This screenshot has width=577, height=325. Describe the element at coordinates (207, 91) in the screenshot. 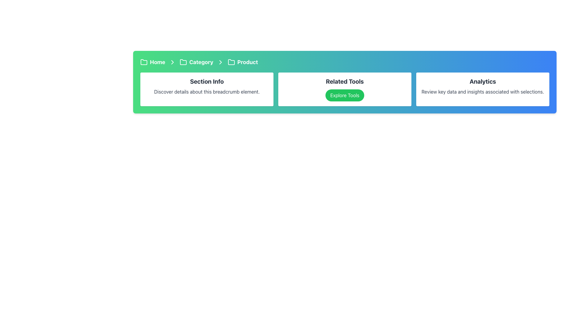

I see `the text label displaying 'Discover details about this breadcrumb element.' which is styled with gray color and centered below the 'Section Info' header` at that location.